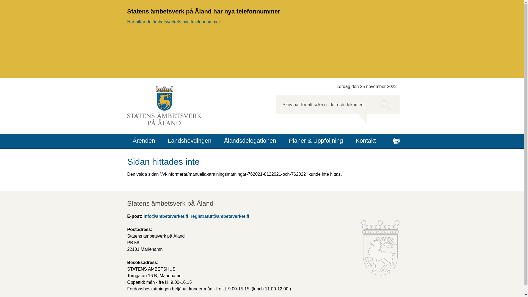 The height and width of the screenshot is (297, 528). I want to click on 'registratur@ambetsverket.fi', so click(219, 216).